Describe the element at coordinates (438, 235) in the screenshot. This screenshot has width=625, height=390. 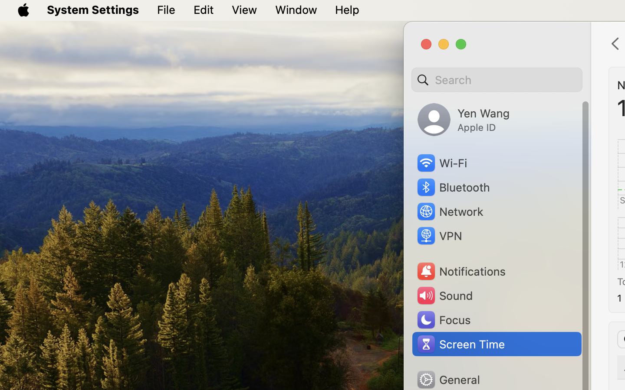
I see `'VPN'` at that location.